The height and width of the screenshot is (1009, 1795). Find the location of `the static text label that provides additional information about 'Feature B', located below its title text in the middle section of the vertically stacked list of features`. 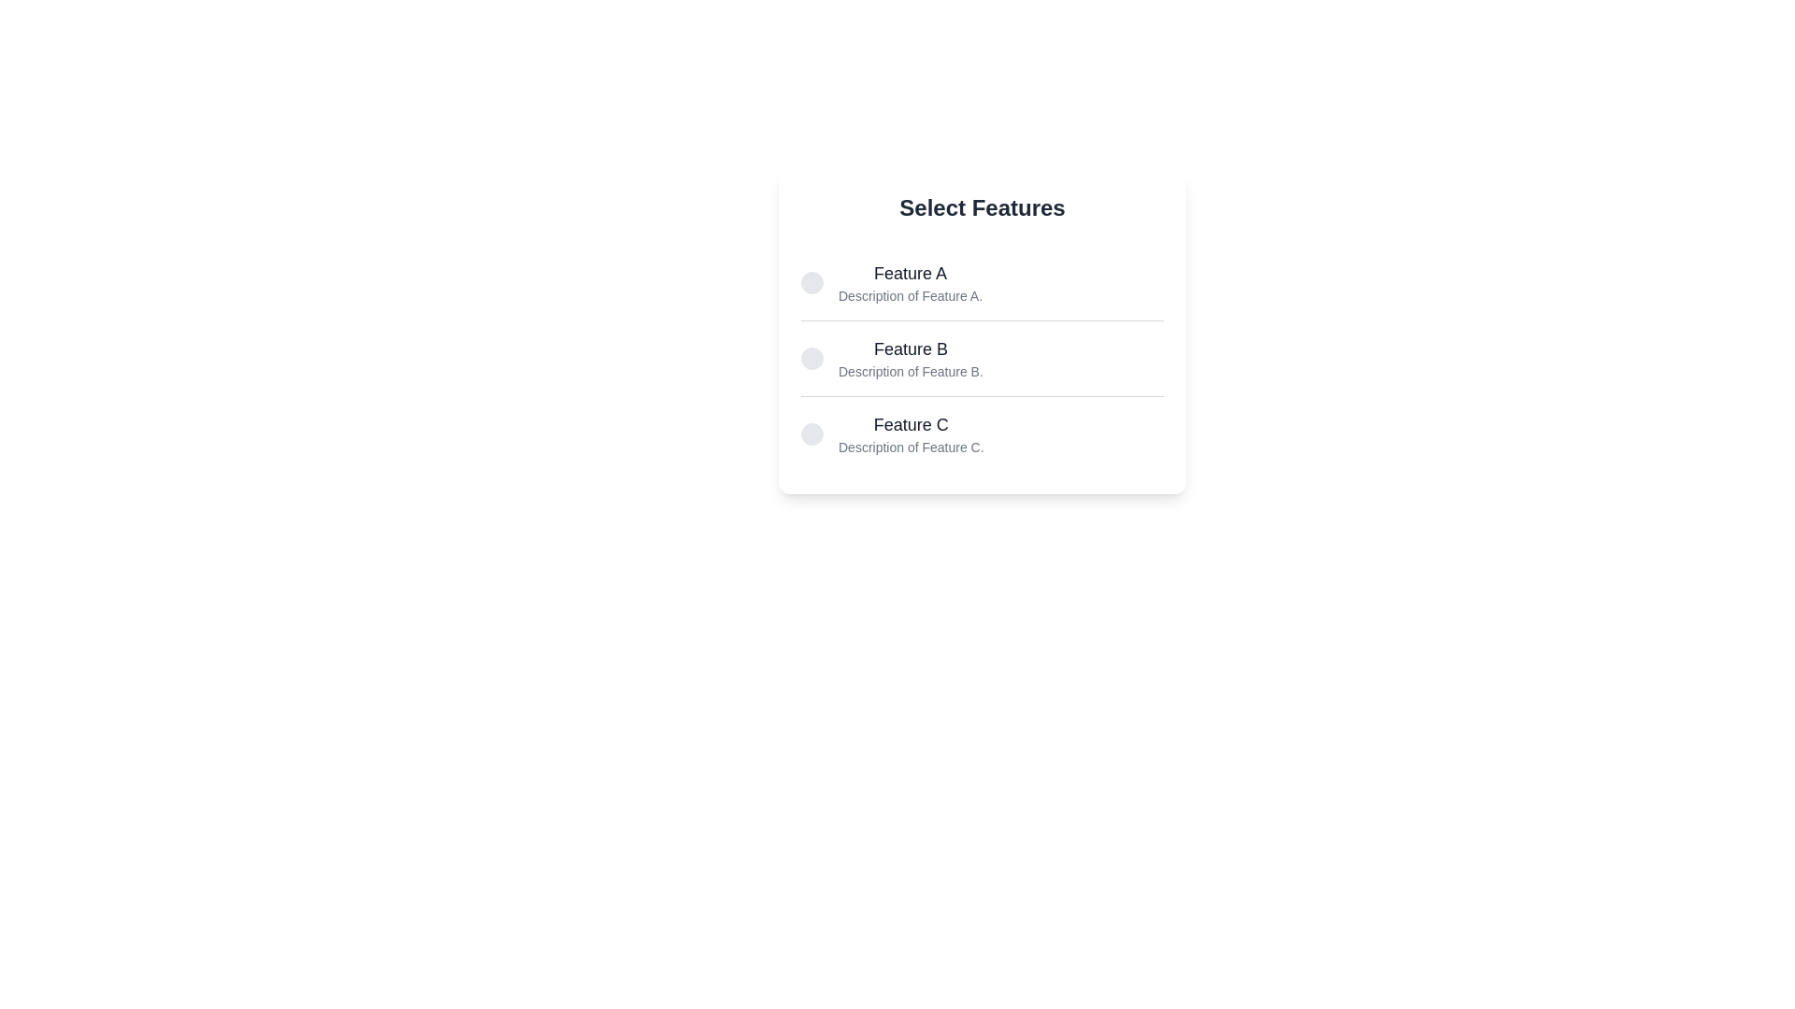

the static text label that provides additional information about 'Feature B', located below its title text in the middle section of the vertically stacked list of features is located at coordinates (911, 371).